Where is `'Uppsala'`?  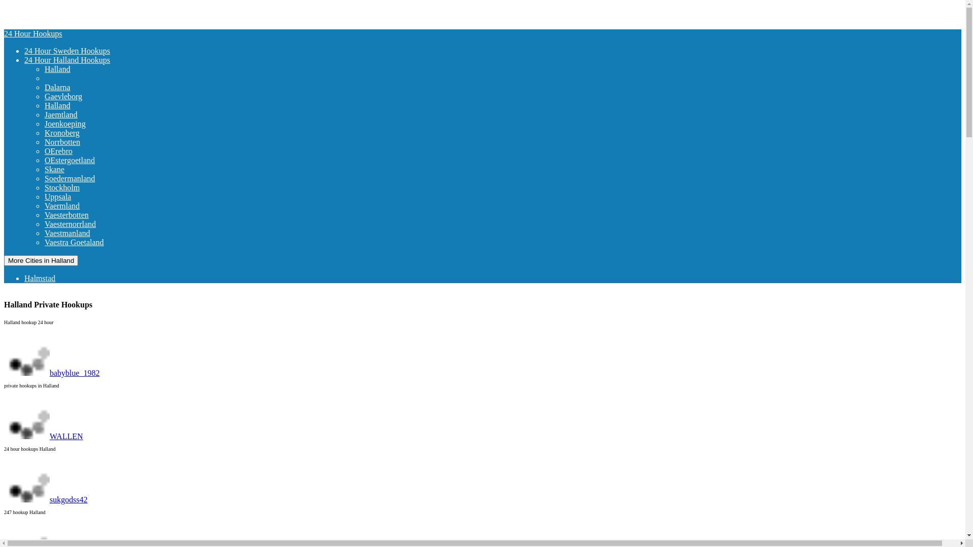 'Uppsala' is located at coordinates (74, 197).